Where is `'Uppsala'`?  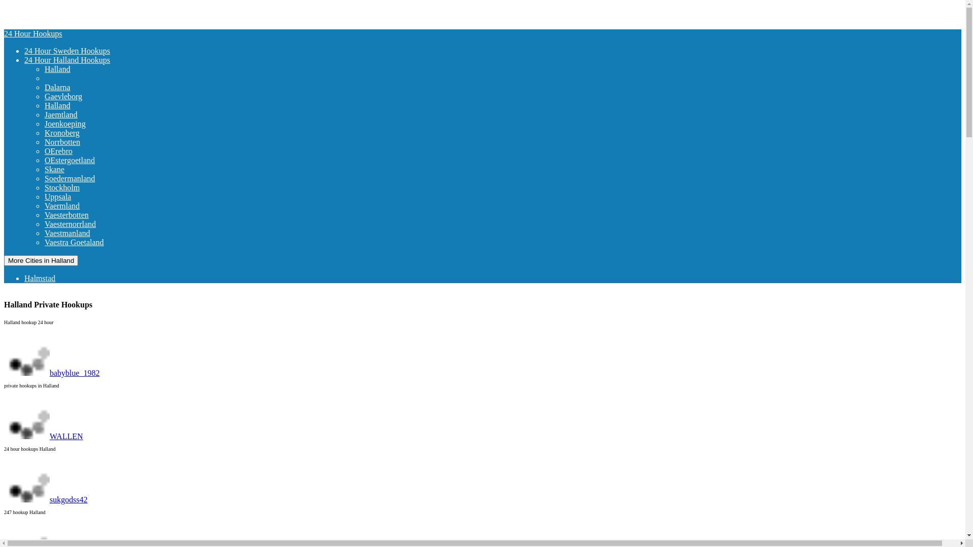 'Uppsala' is located at coordinates (74, 197).